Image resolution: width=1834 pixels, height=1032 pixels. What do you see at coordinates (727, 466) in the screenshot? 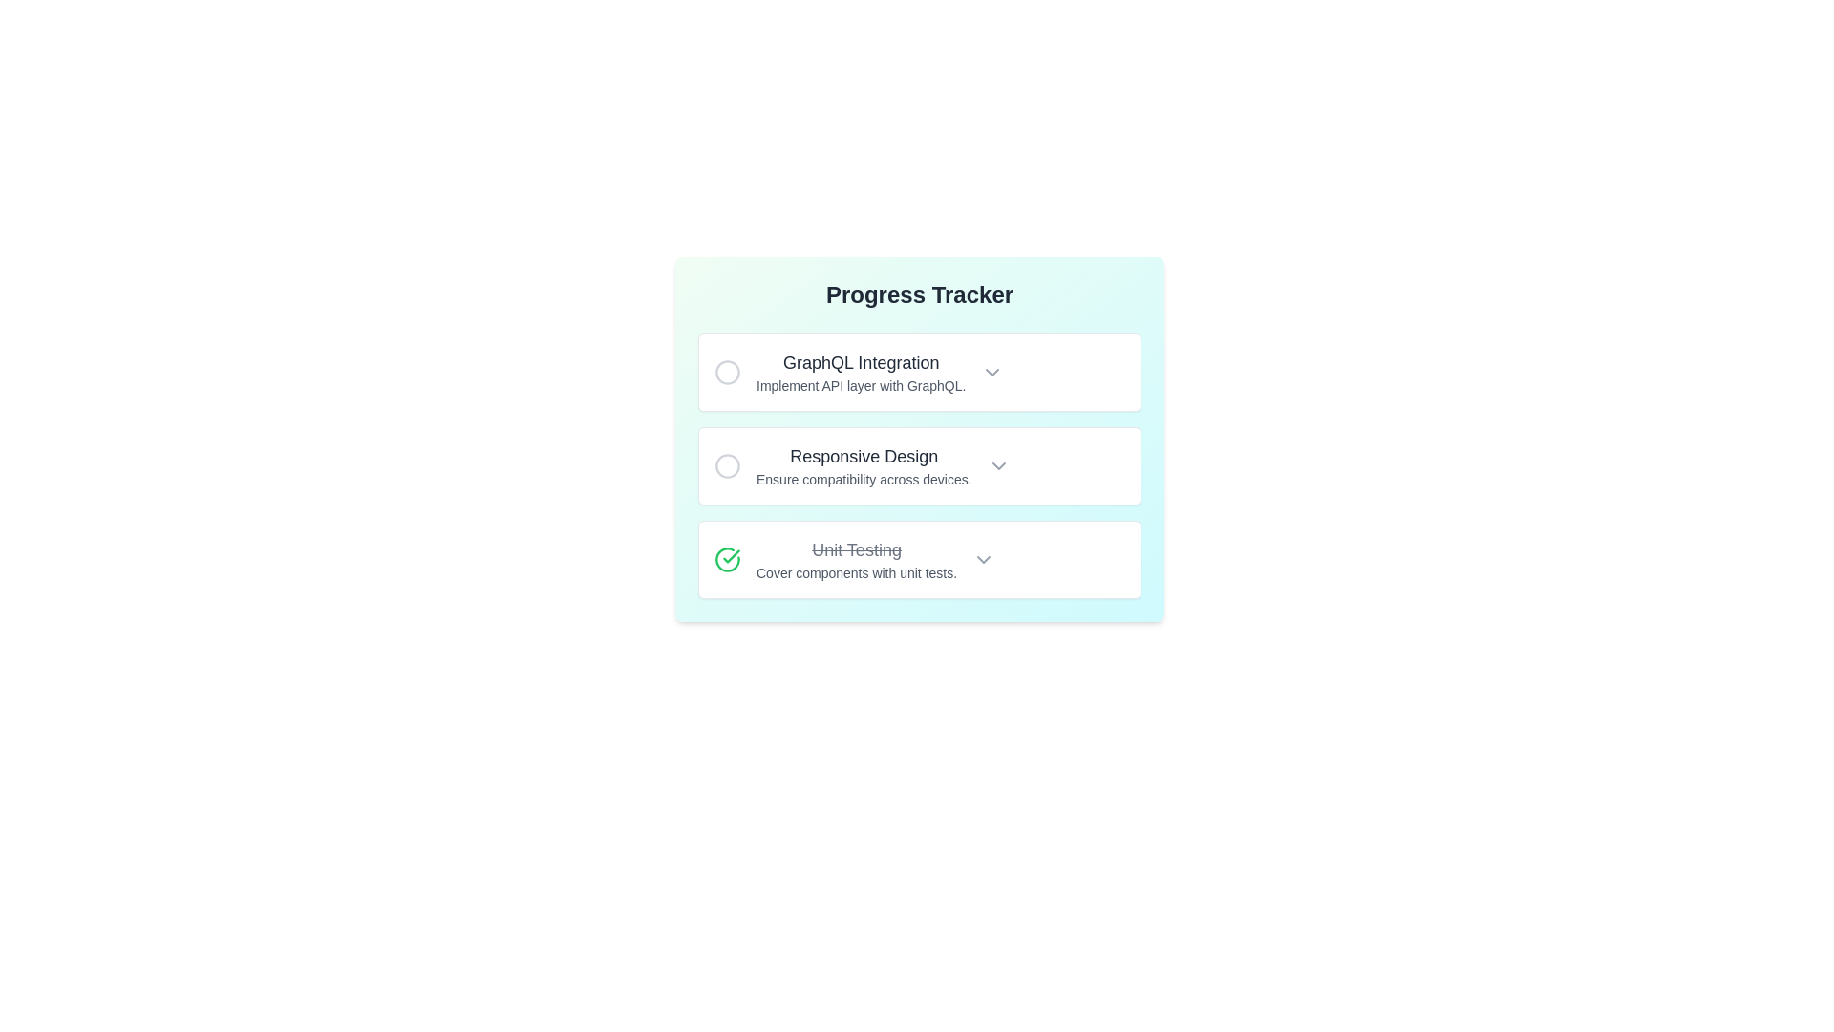
I see `the circular checkbox located within the 'Responsive Design Ensure compatibility across devices.' card` at bounding box center [727, 466].